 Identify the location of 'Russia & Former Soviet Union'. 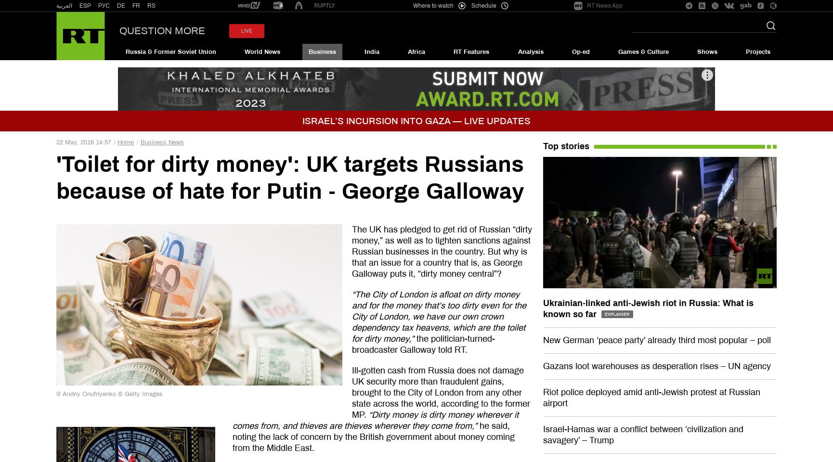
(170, 51).